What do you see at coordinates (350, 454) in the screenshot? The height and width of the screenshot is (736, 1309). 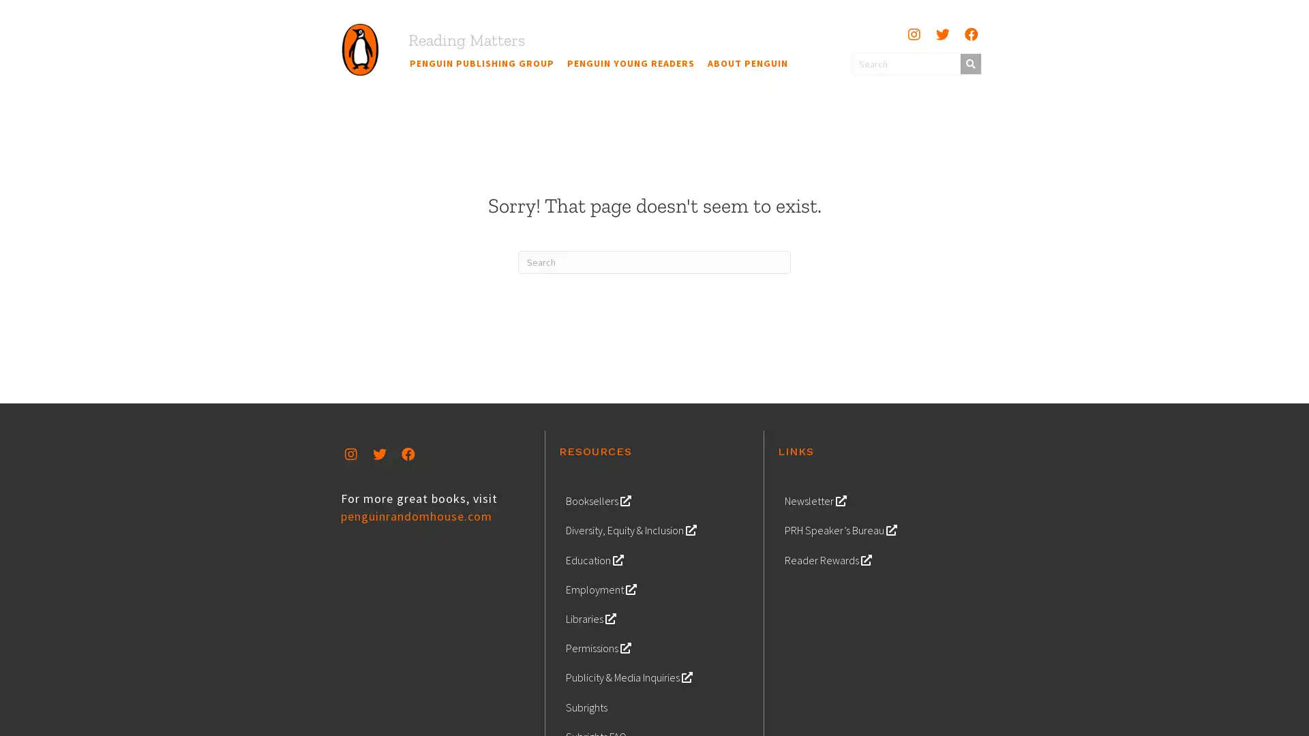 I see `Instagram` at bounding box center [350, 454].